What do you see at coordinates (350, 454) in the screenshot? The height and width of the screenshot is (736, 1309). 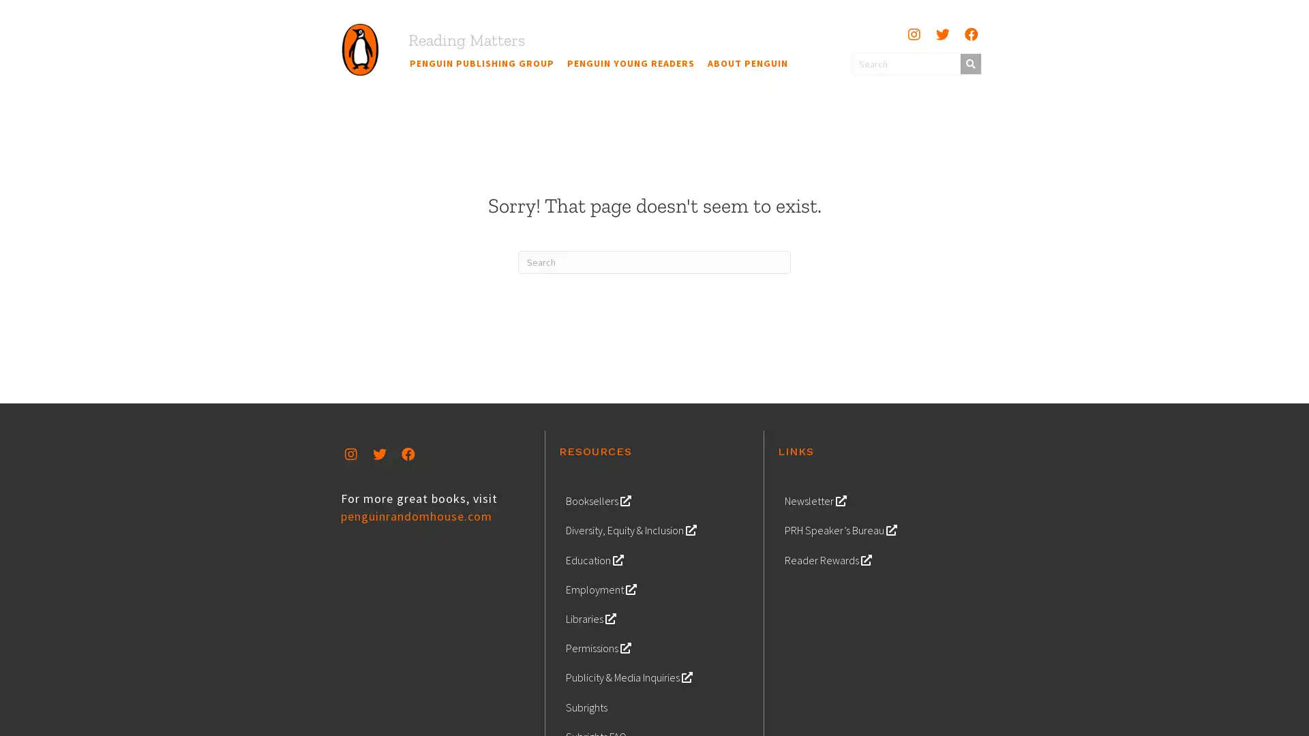 I see `Instagram` at bounding box center [350, 454].